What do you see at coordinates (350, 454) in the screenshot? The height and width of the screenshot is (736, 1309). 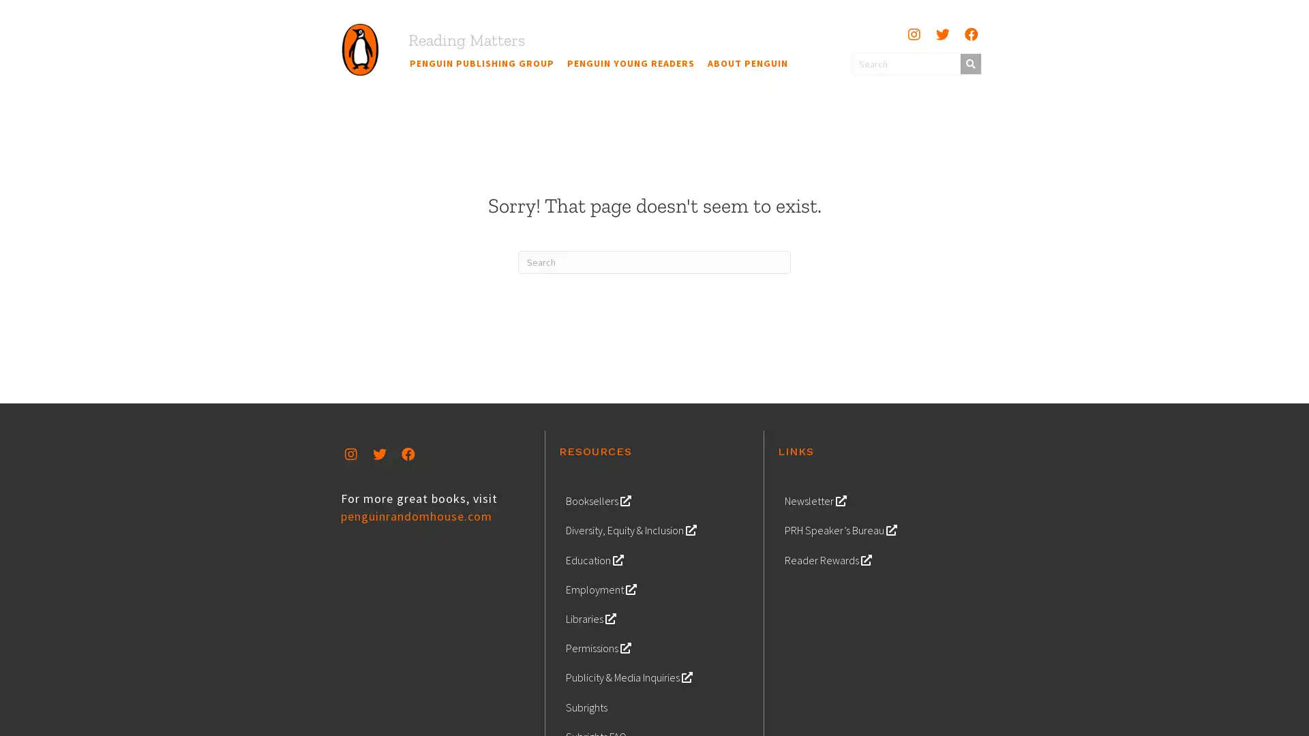 I see `Instagram` at bounding box center [350, 454].